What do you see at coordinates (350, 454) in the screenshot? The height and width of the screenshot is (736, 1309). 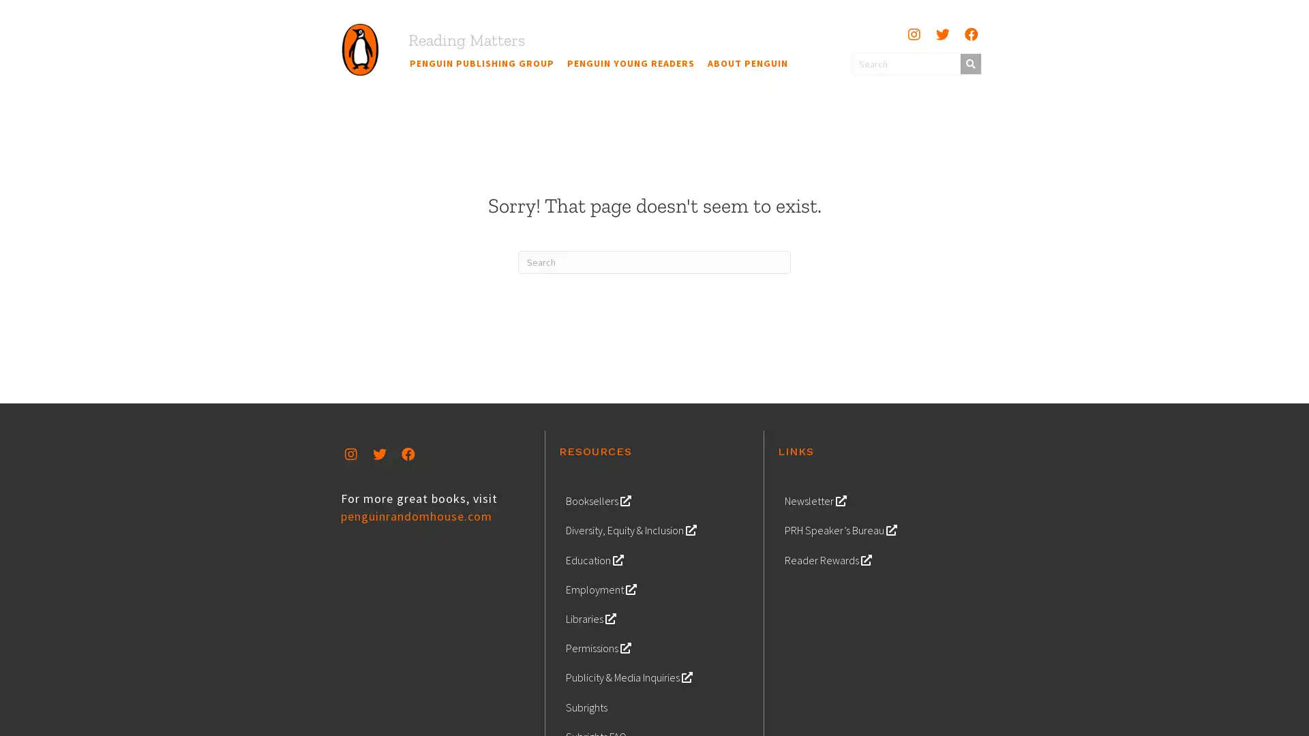 I see `Instagram` at bounding box center [350, 454].